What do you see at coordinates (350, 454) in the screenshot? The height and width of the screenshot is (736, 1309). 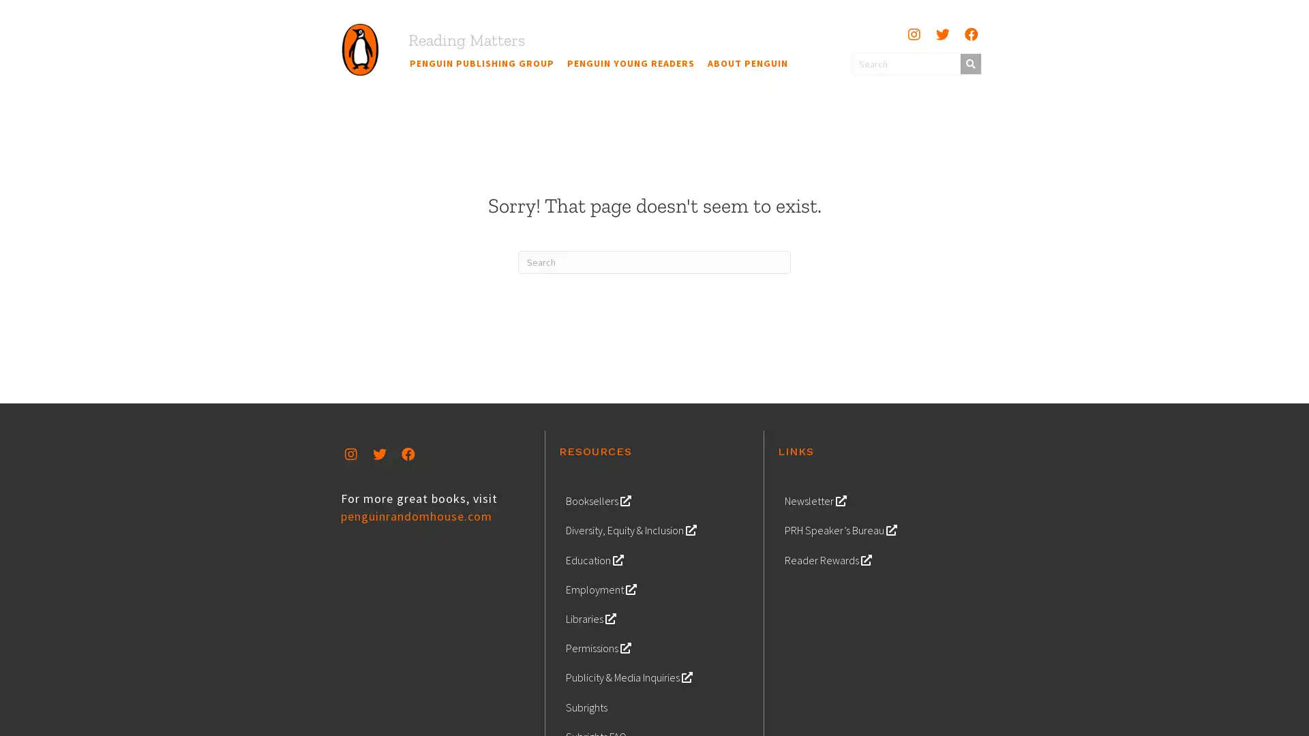 I see `Instagram` at bounding box center [350, 454].